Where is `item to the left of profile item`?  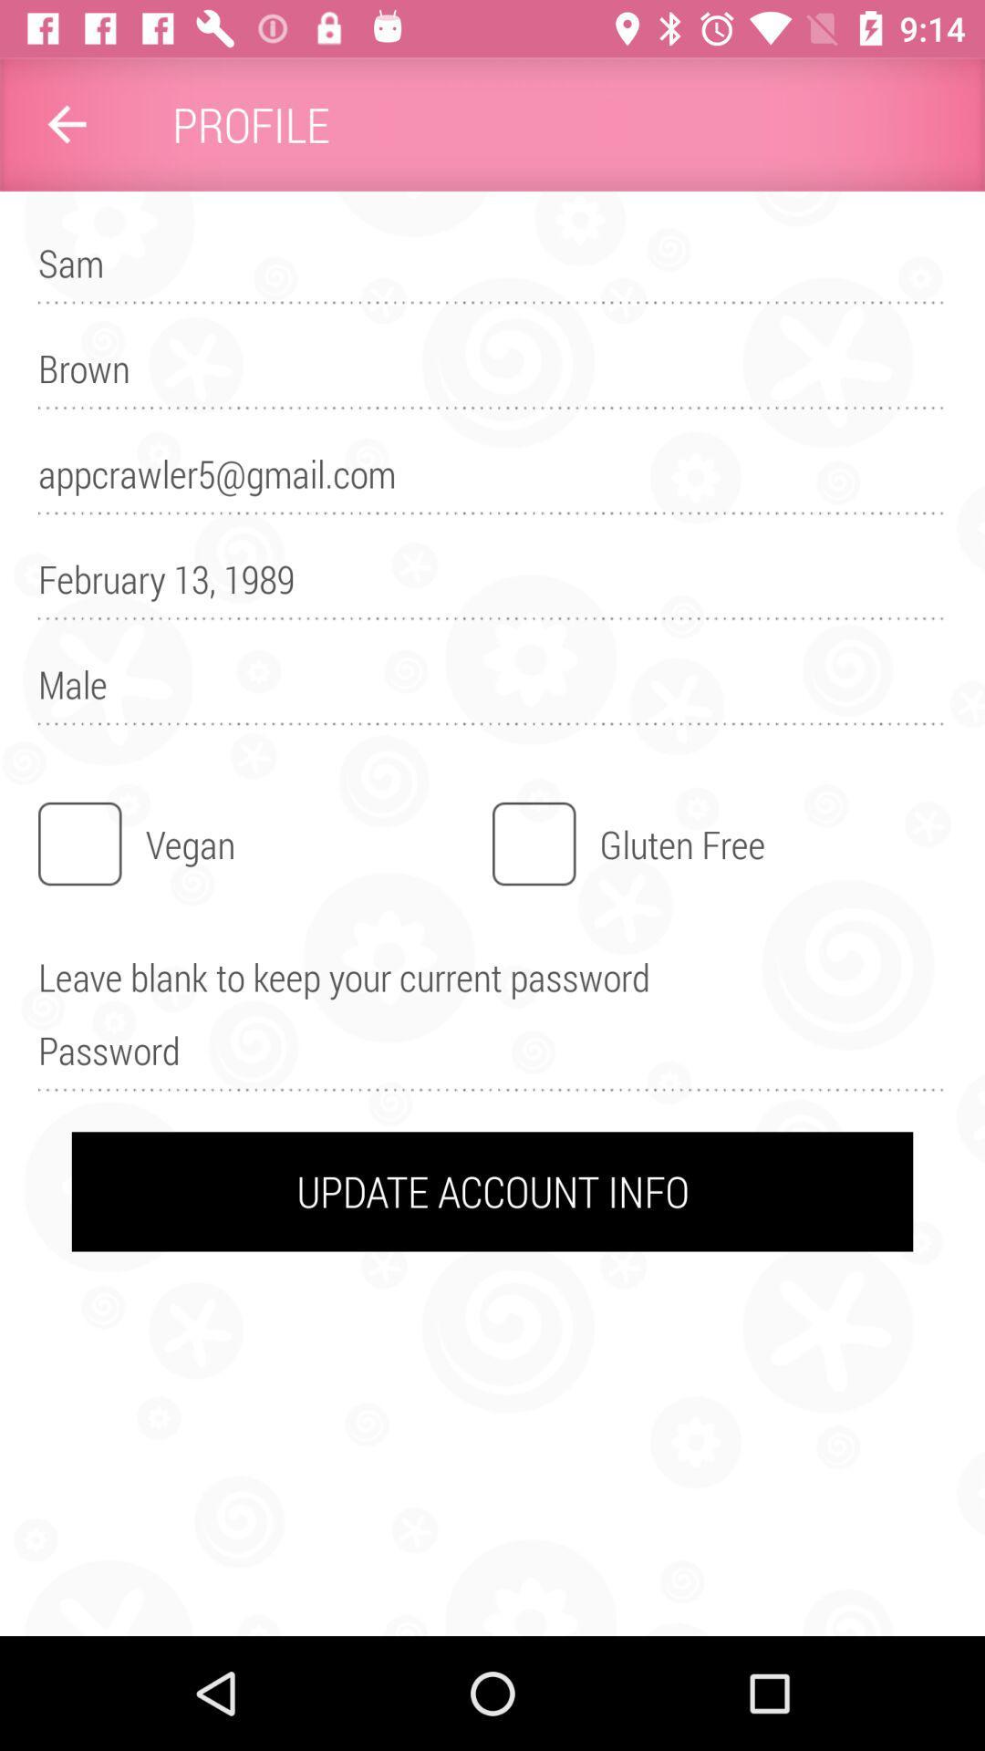 item to the left of profile item is located at coordinates (66, 123).